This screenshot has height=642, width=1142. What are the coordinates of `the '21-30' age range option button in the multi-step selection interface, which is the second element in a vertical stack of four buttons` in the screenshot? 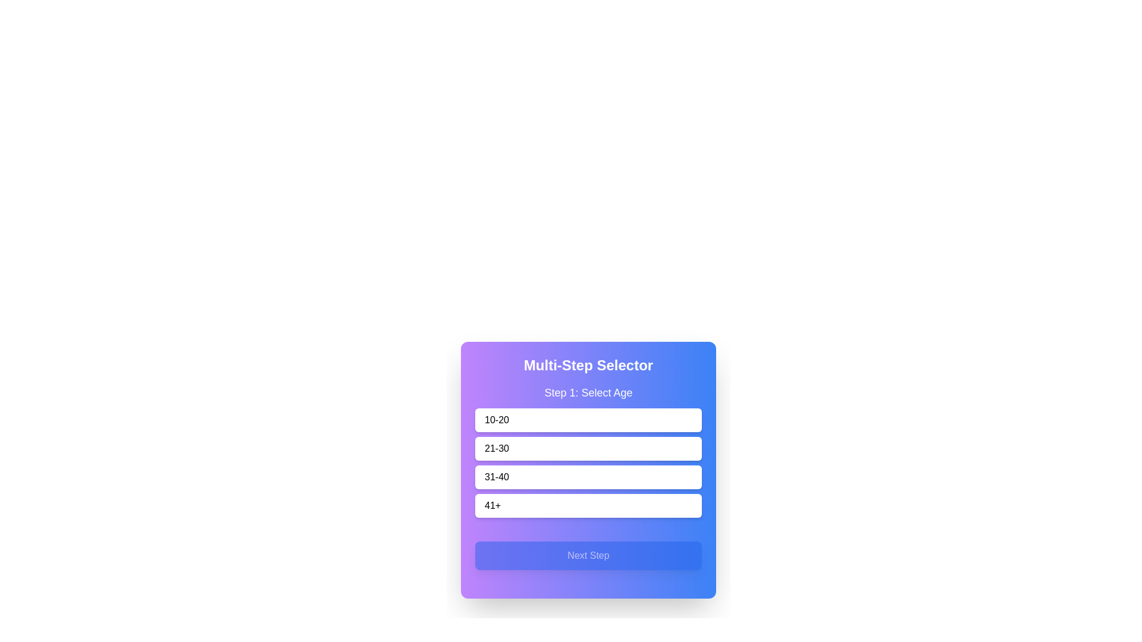 It's located at (588, 451).